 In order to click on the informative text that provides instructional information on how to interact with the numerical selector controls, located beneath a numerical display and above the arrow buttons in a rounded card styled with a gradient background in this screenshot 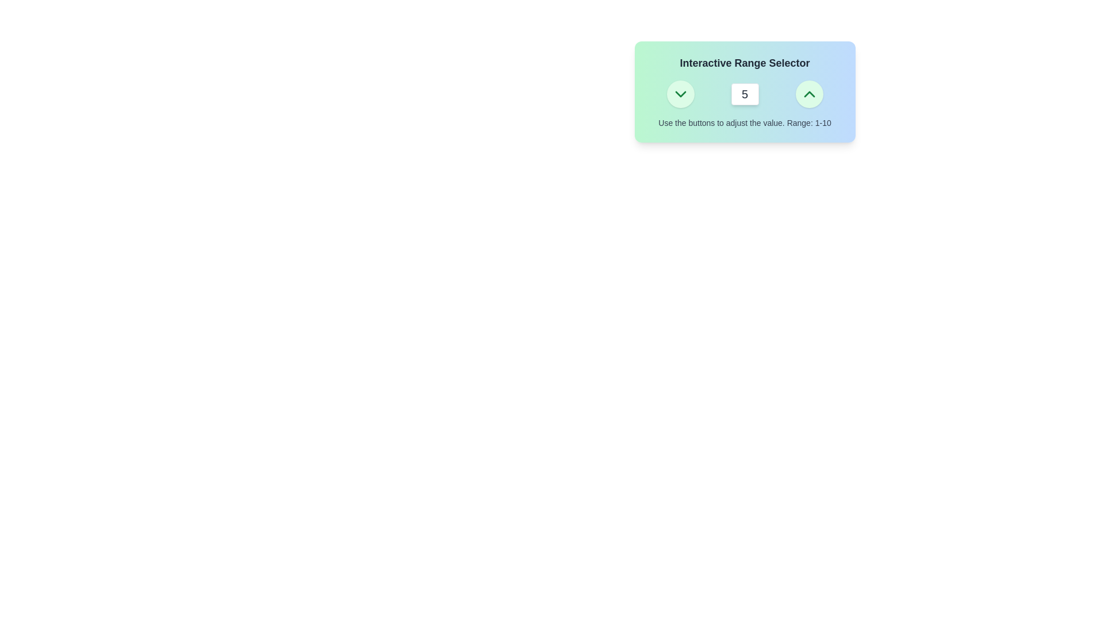, I will do `click(745, 122)`.